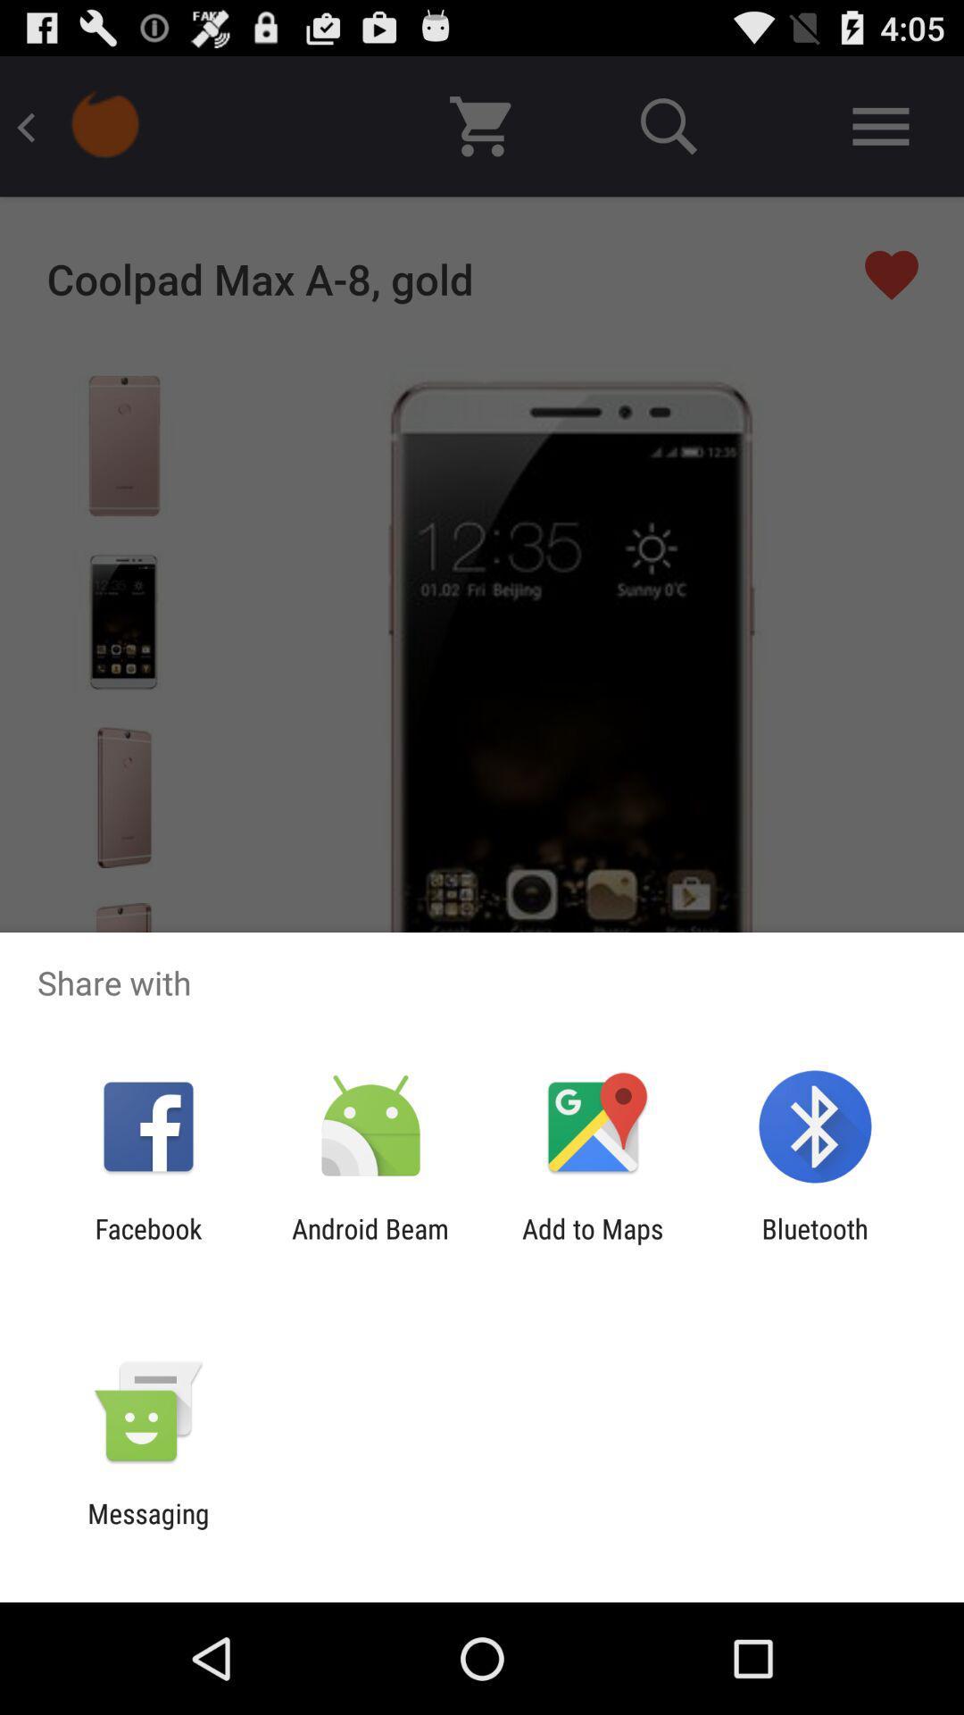 This screenshot has width=964, height=1715. I want to click on the icon next to add to maps, so click(370, 1243).